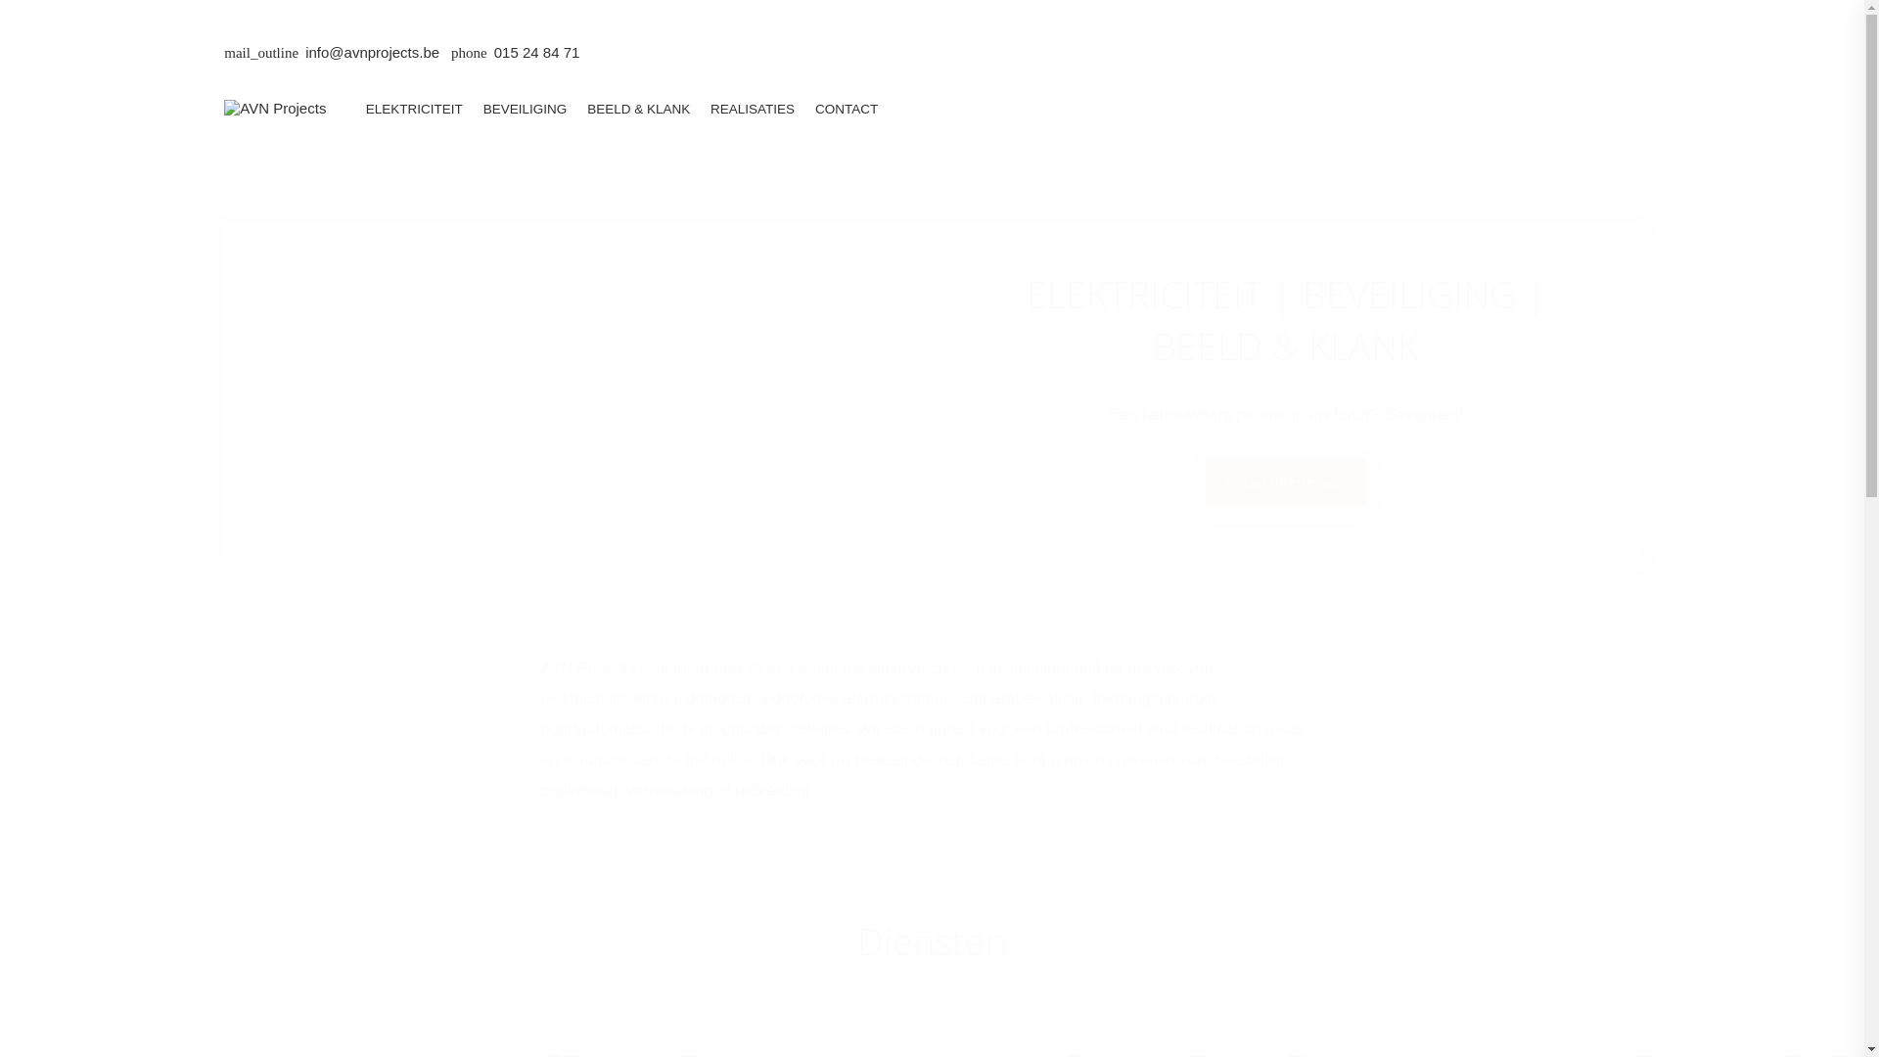 The height and width of the screenshot is (1057, 1879). Describe the element at coordinates (412, 109) in the screenshot. I see `'ELEKTRICITEIT'` at that location.